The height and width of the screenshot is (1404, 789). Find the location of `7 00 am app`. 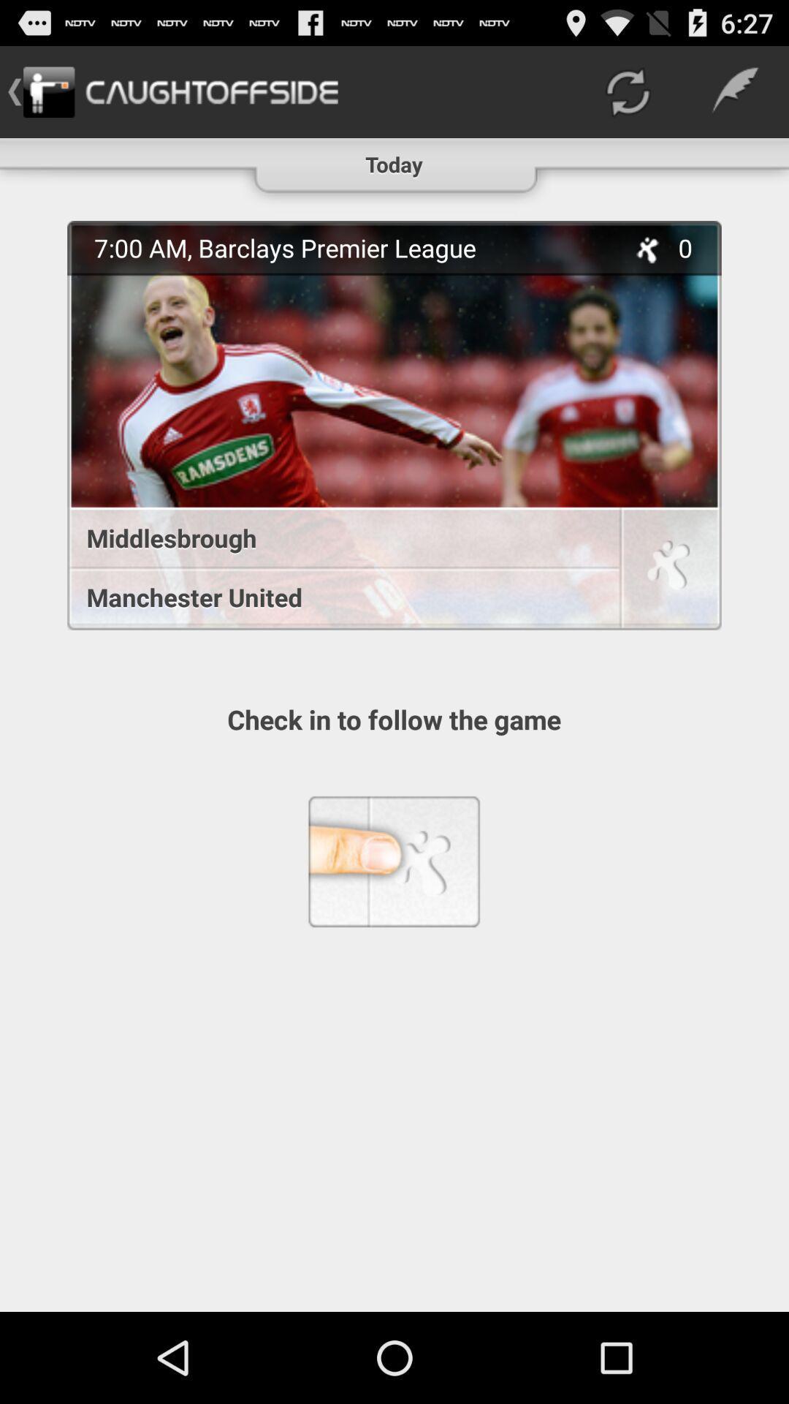

7 00 am app is located at coordinates (351, 248).